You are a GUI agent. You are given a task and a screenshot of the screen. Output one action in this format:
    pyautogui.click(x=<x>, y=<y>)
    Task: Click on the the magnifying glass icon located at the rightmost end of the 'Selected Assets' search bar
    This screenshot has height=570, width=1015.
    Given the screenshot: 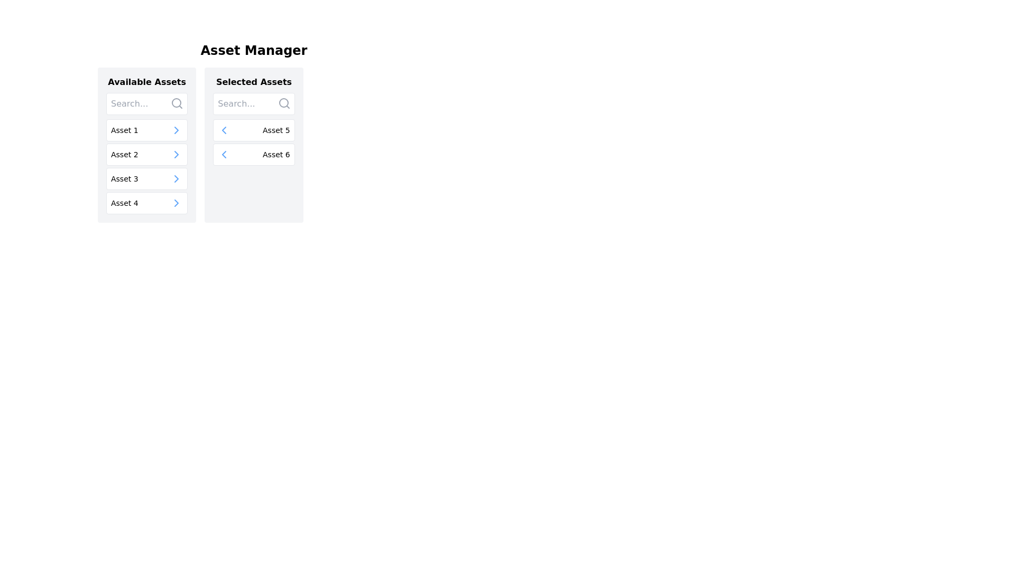 What is the action you would take?
    pyautogui.click(x=284, y=103)
    